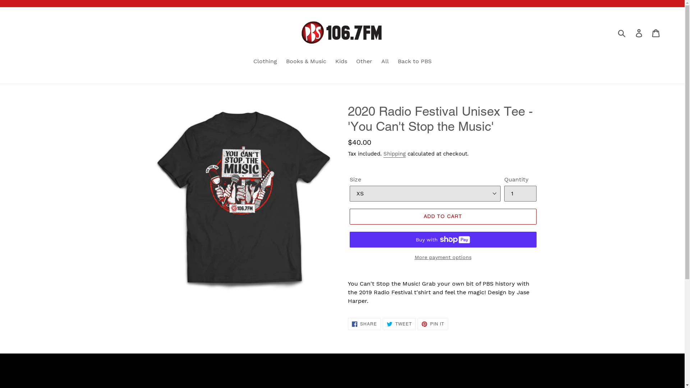  Describe the element at coordinates (622, 33) in the screenshot. I see `'Submit'` at that location.